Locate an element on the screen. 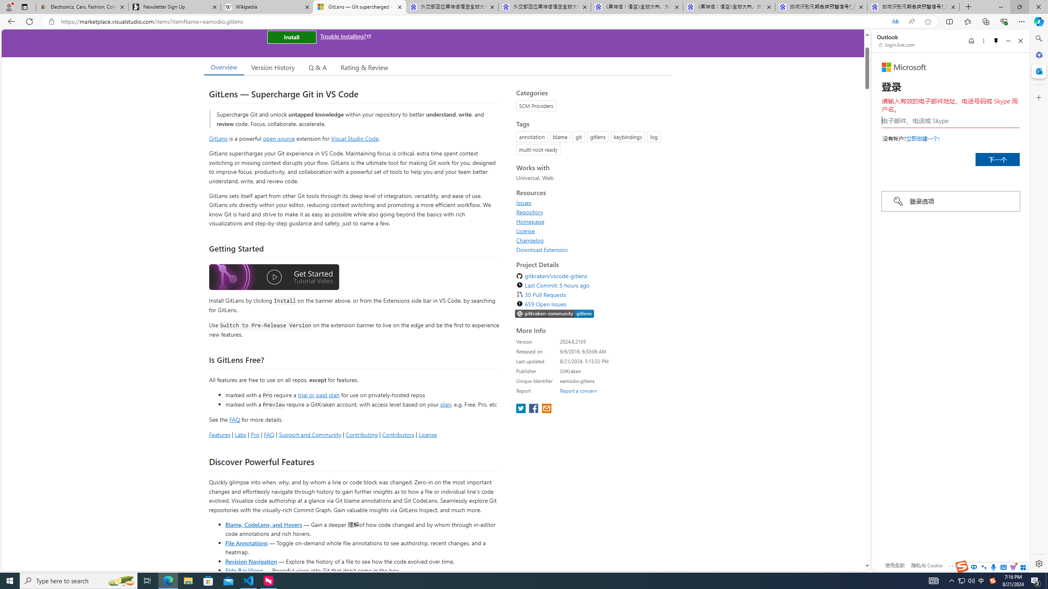 The height and width of the screenshot is (589, 1048). 'Q & A' is located at coordinates (317, 67).